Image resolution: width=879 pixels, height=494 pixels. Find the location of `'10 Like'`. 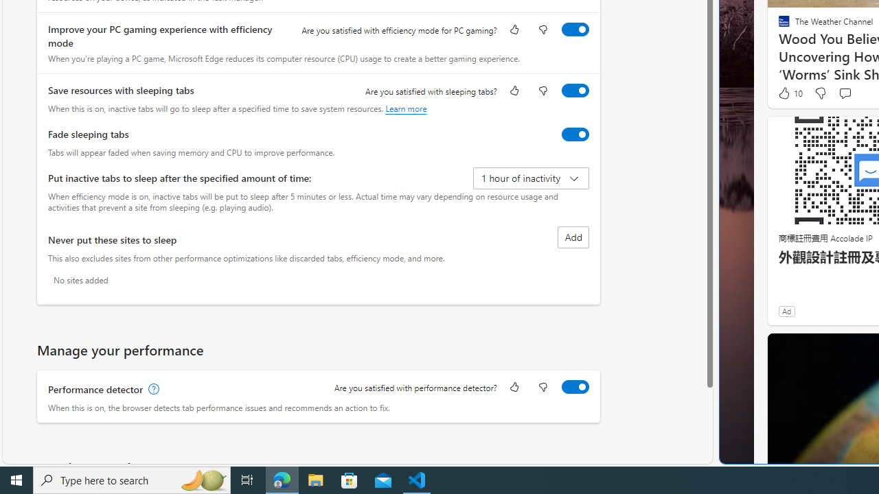

'10 Like' is located at coordinates (790, 93).